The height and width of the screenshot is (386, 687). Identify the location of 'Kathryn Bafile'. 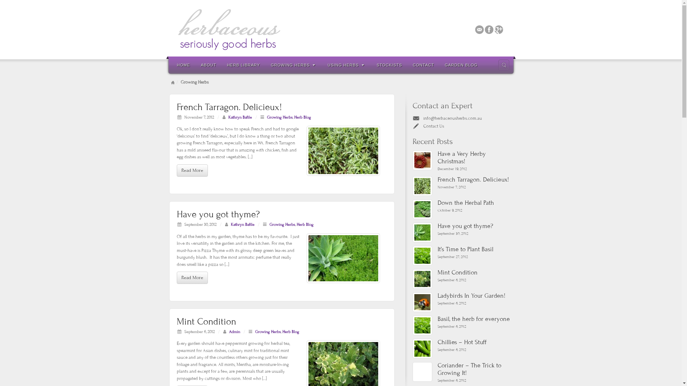
(228, 117).